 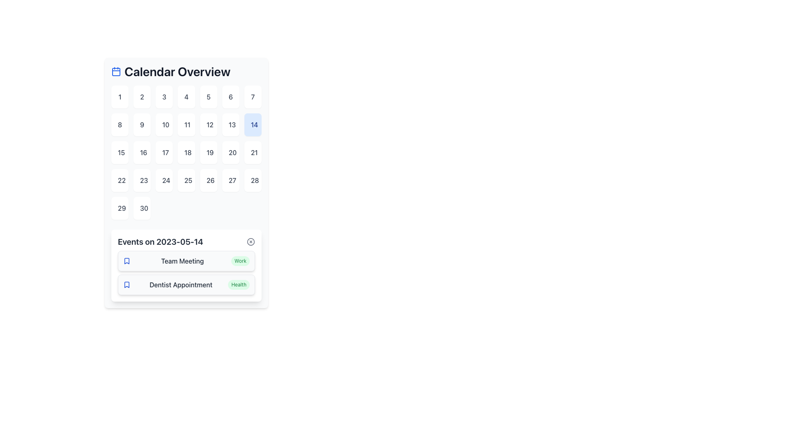 What do you see at coordinates (186, 273) in the screenshot?
I see `the second item in the list of categorized events displayed under the title 'Events on 2023-05-14'` at bounding box center [186, 273].